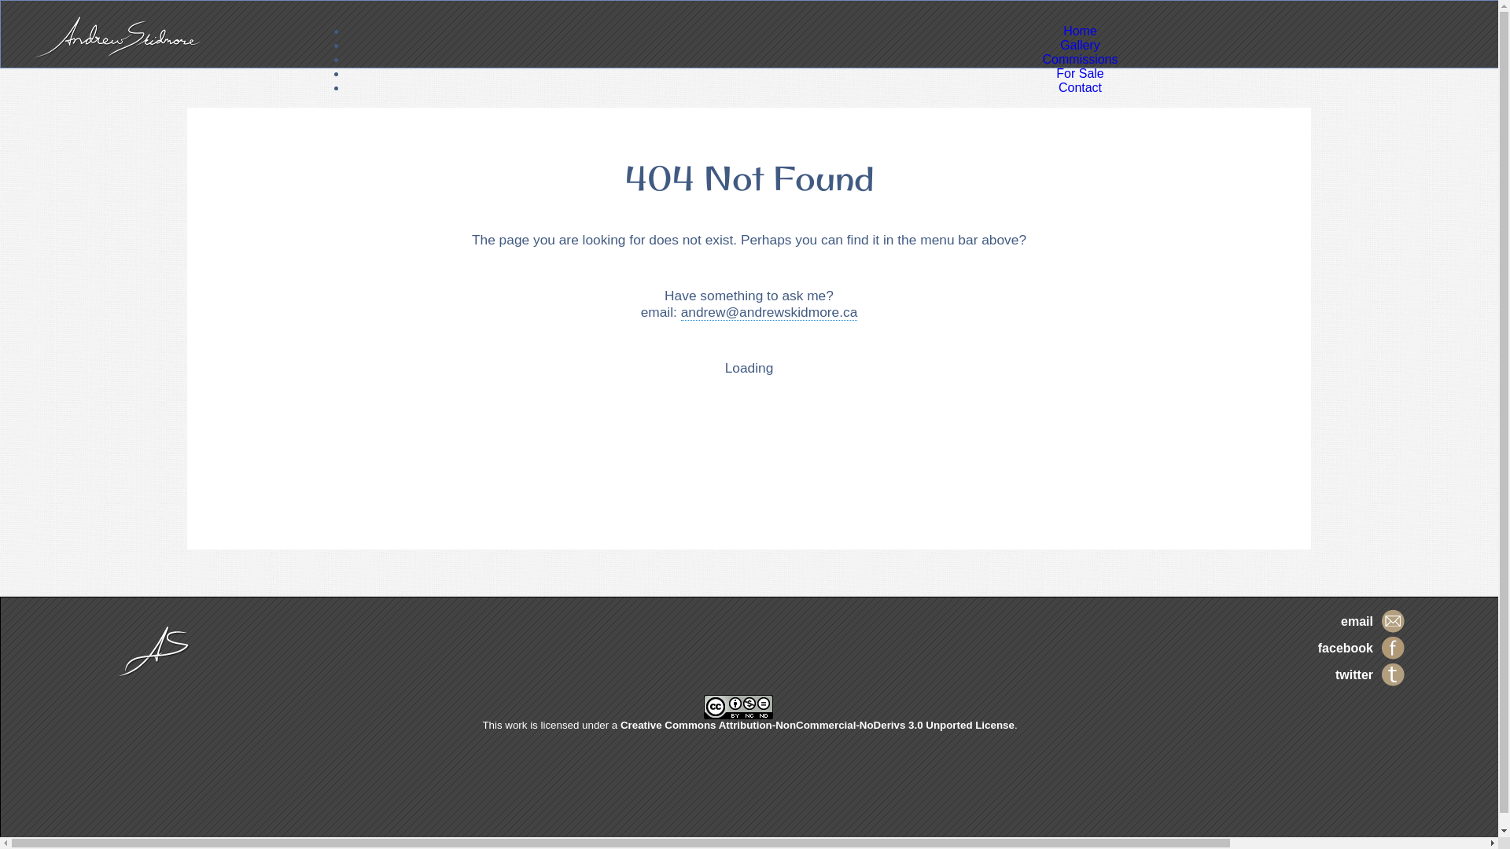 This screenshot has height=849, width=1510. I want to click on 'Home', so click(1079, 31).